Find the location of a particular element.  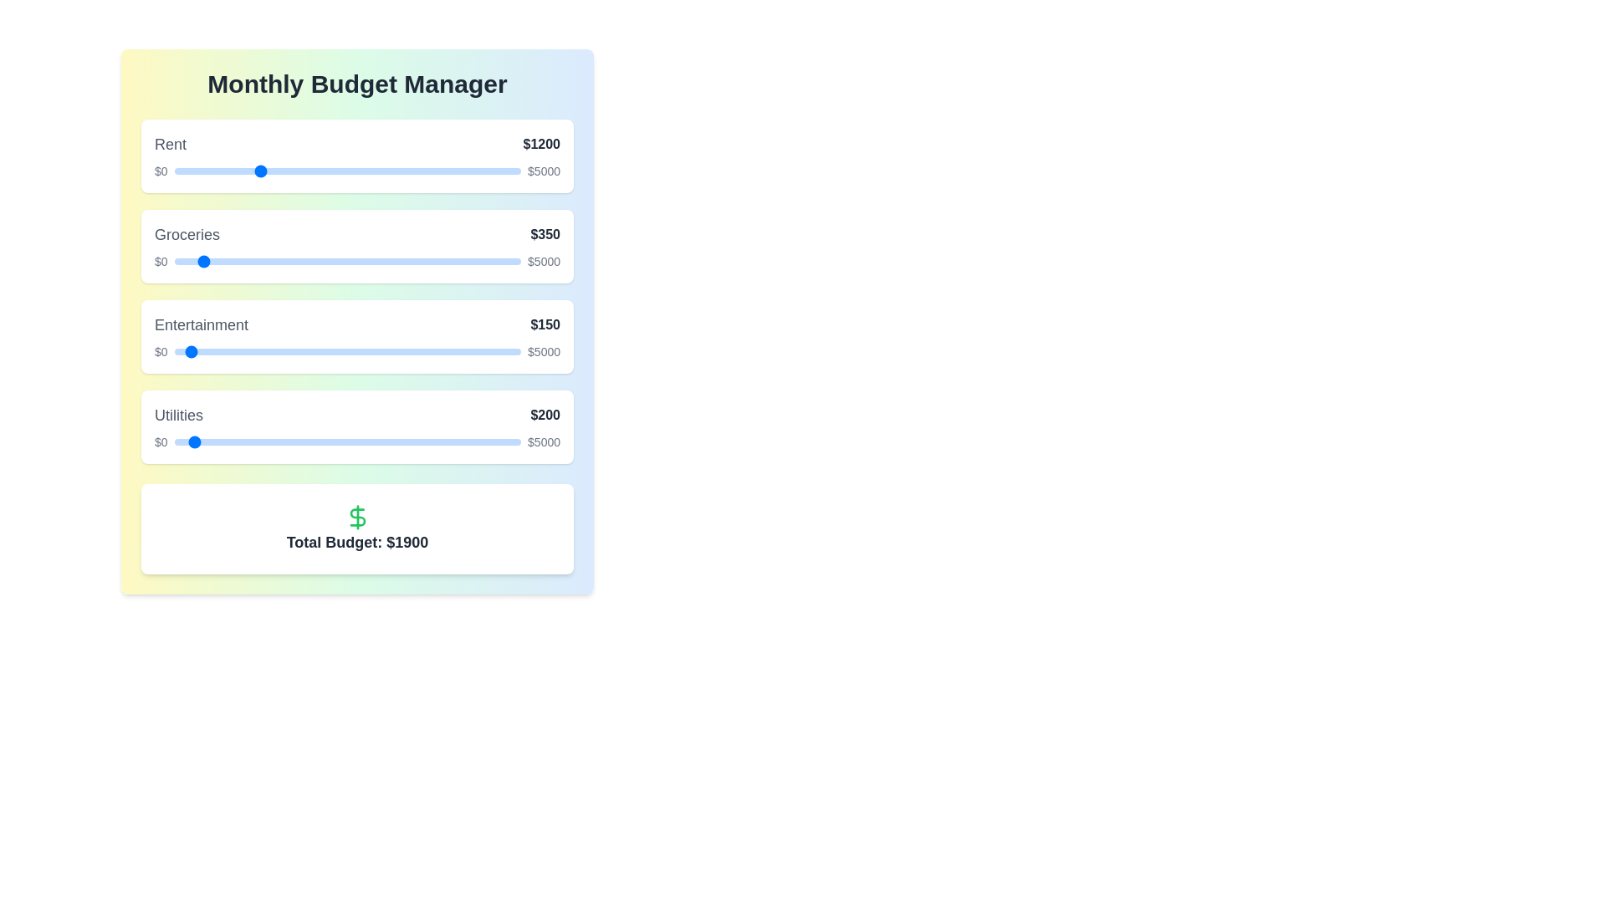

the groceries budget slider is located at coordinates (452, 261).